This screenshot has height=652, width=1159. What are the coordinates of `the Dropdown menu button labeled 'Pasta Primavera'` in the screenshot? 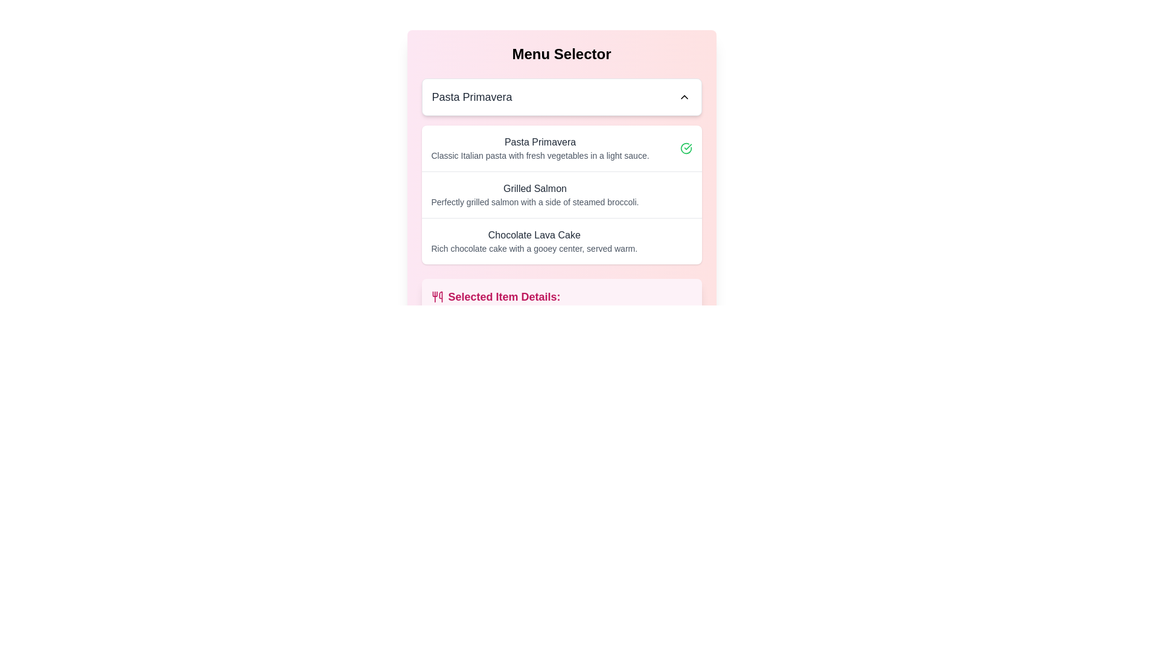 It's located at (561, 97).